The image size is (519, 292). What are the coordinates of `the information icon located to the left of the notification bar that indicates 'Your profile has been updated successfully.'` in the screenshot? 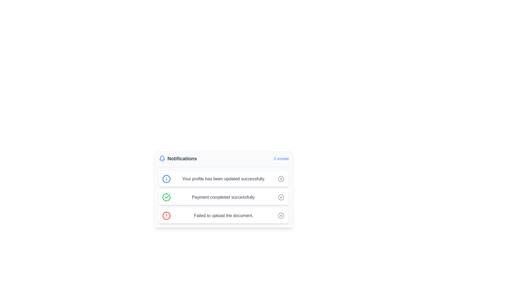 It's located at (166, 179).